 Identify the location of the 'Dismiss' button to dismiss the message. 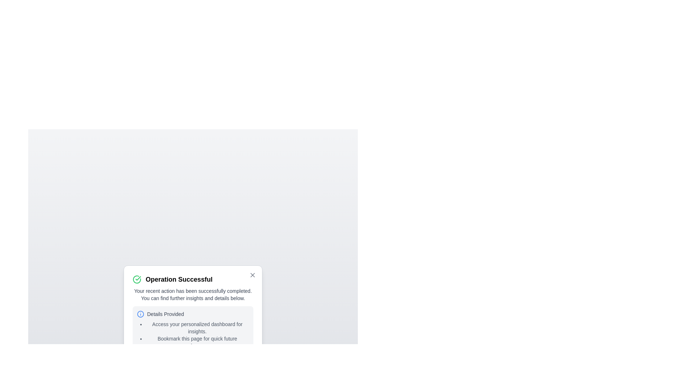
(237, 367).